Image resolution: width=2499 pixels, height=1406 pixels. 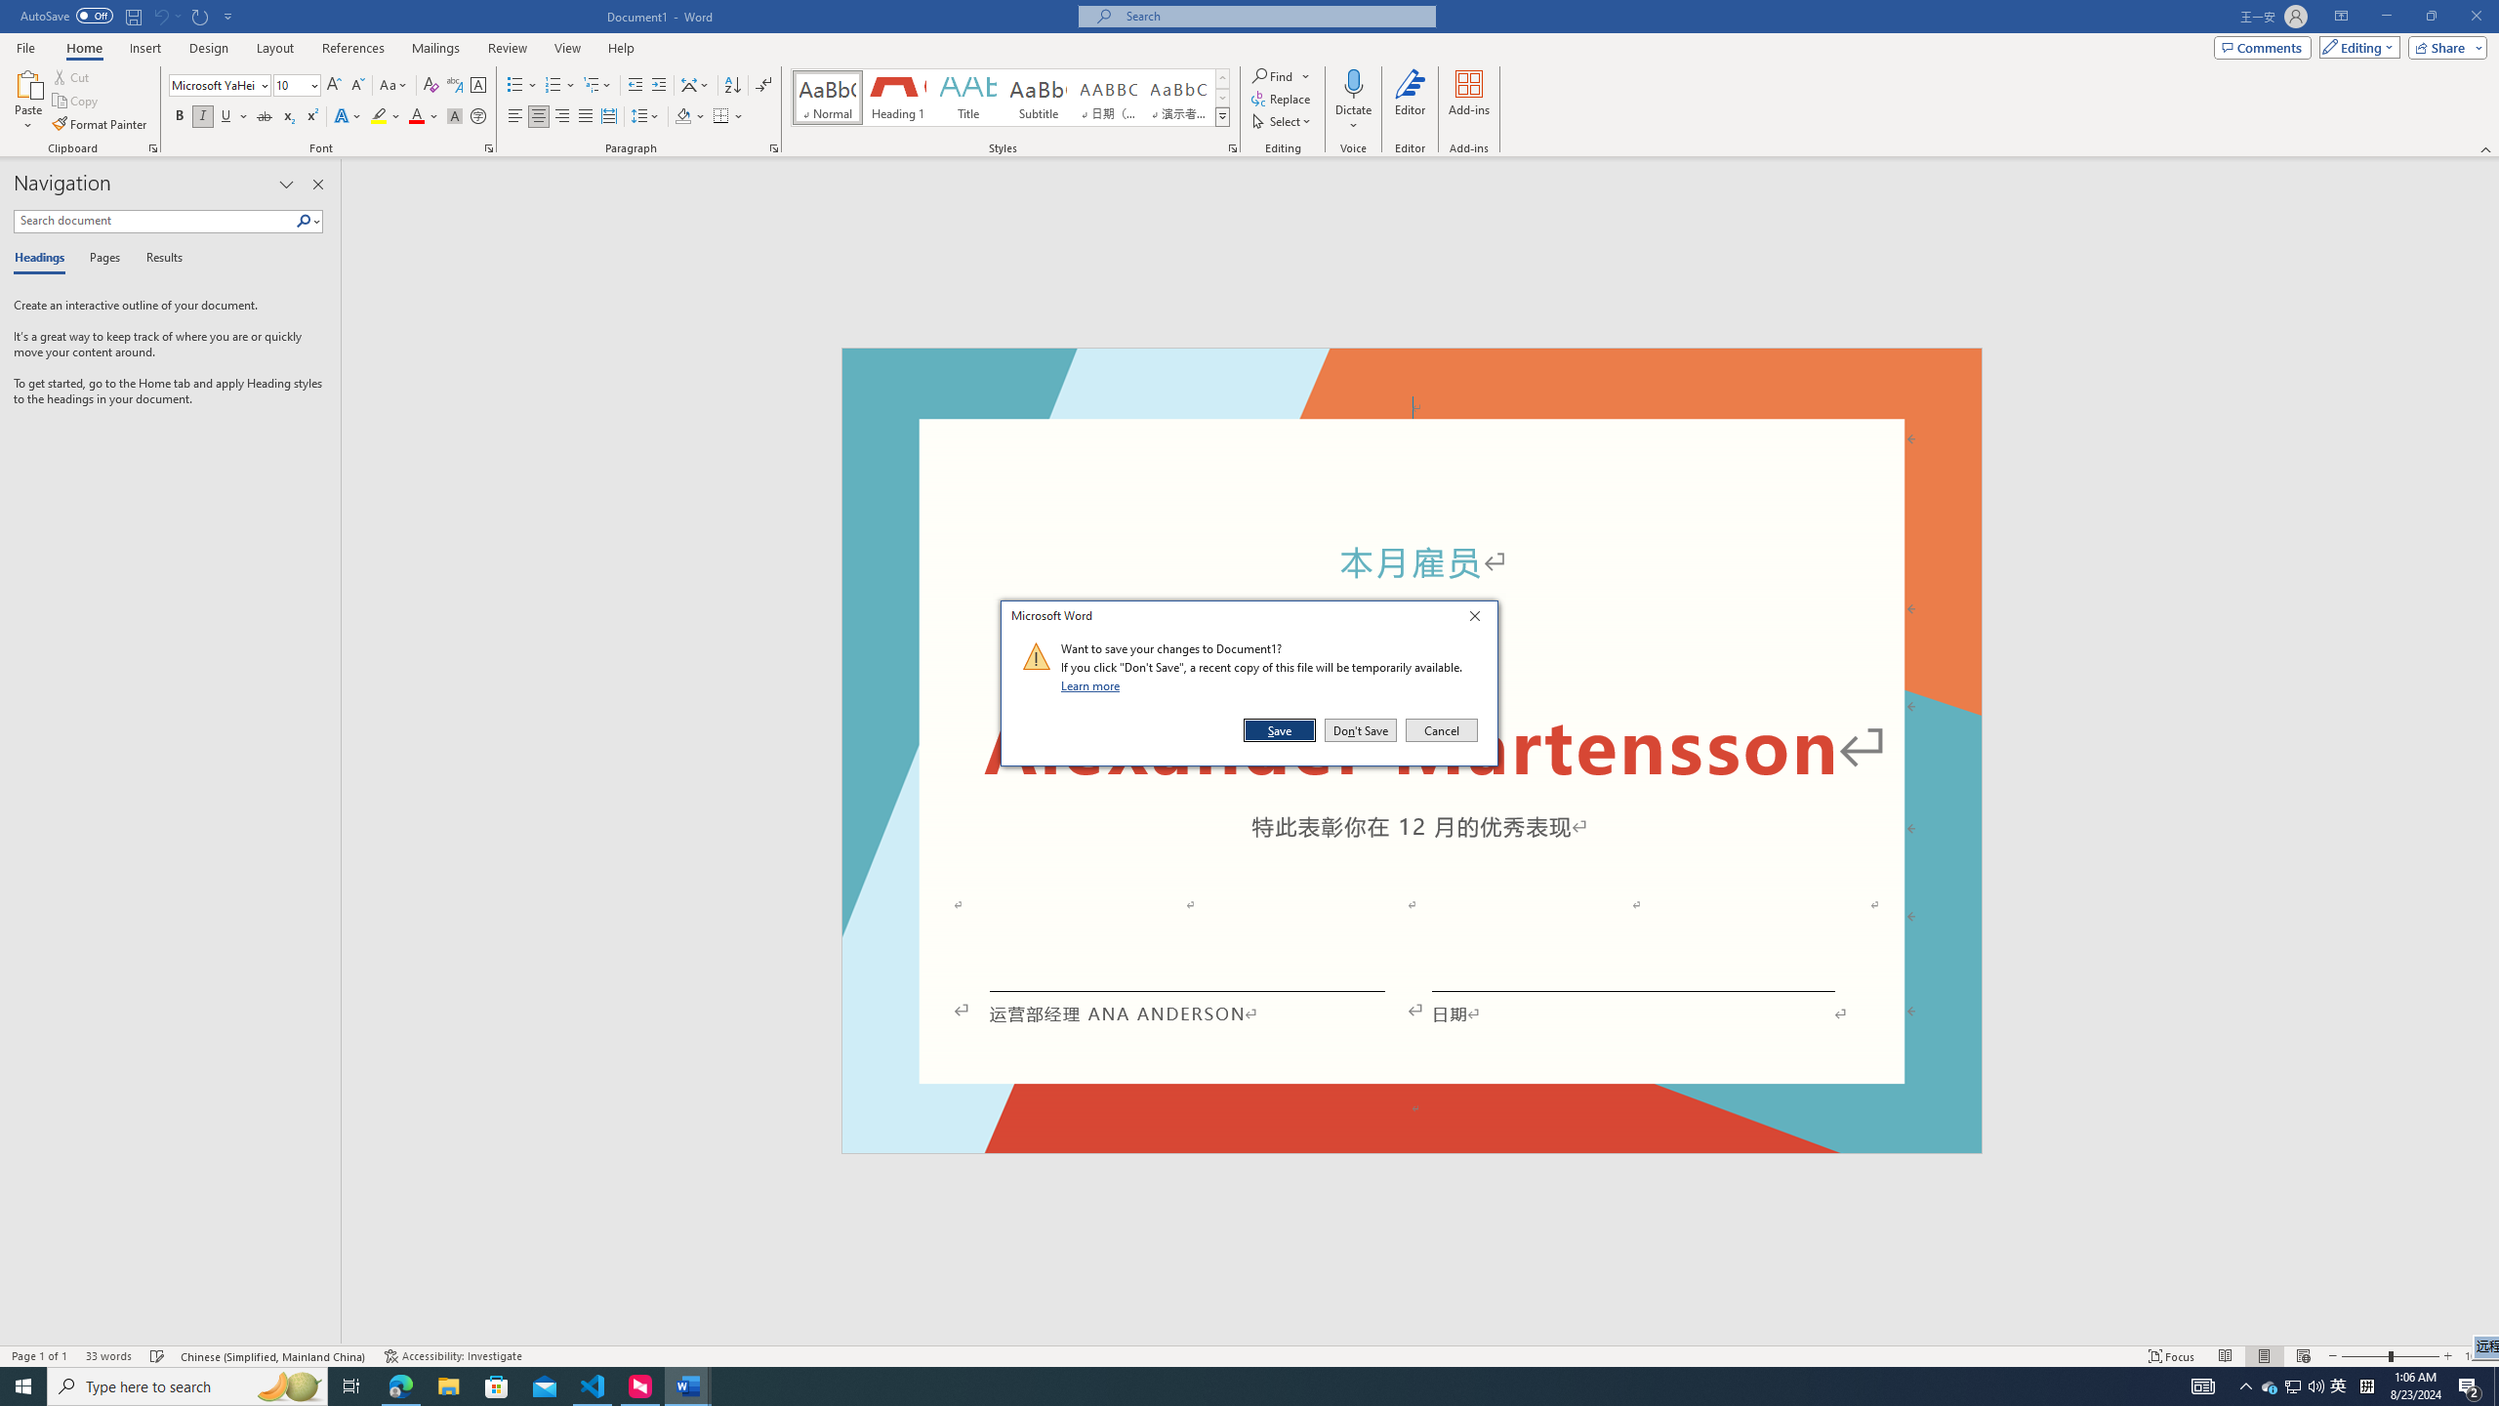 I want to click on 'Show desktop', so click(x=2495, y=1385).